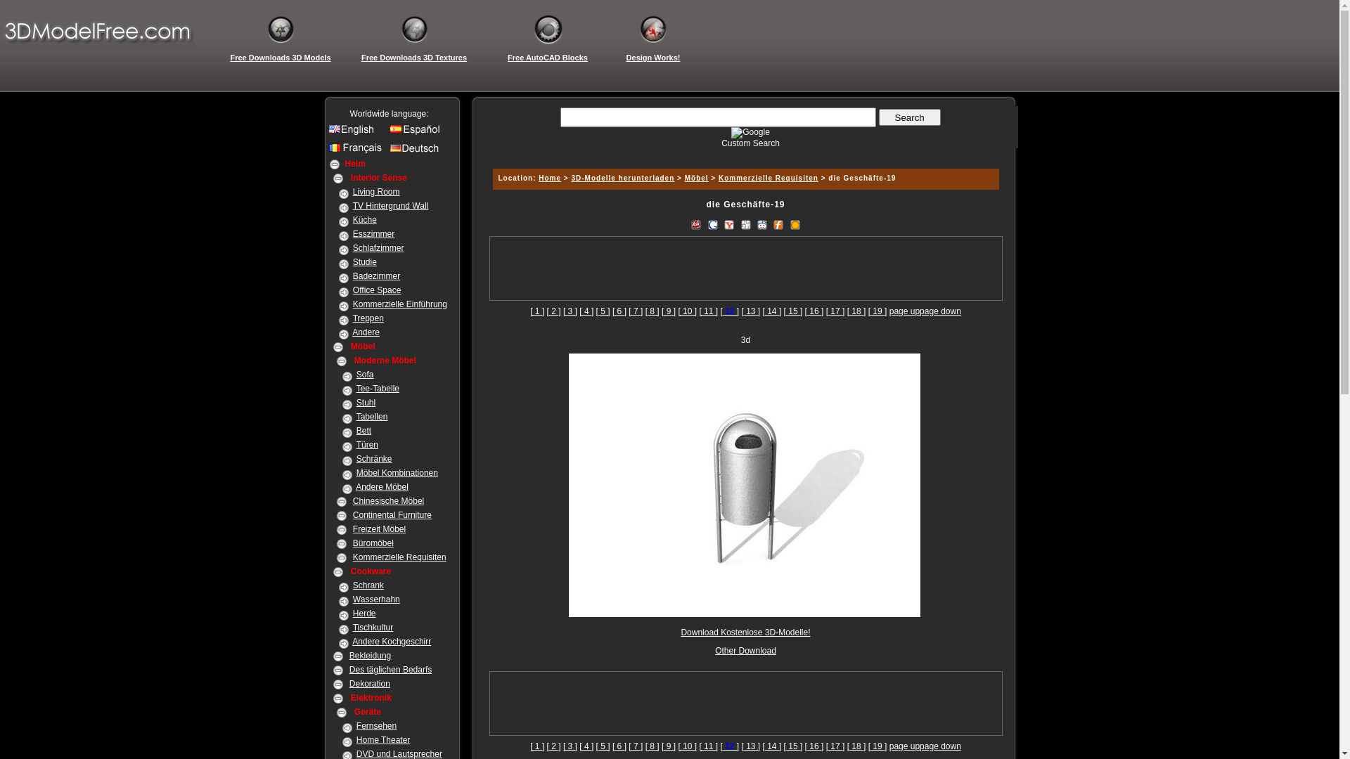  What do you see at coordinates (366, 403) in the screenshot?
I see `'Stuhl'` at bounding box center [366, 403].